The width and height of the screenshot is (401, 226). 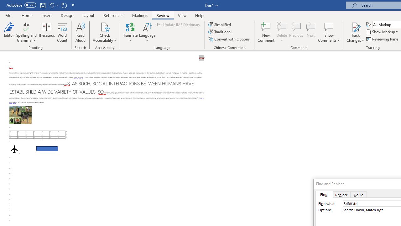 What do you see at coordinates (329, 26) in the screenshot?
I see `'Show Comments'` at bounding box center [329, 26].